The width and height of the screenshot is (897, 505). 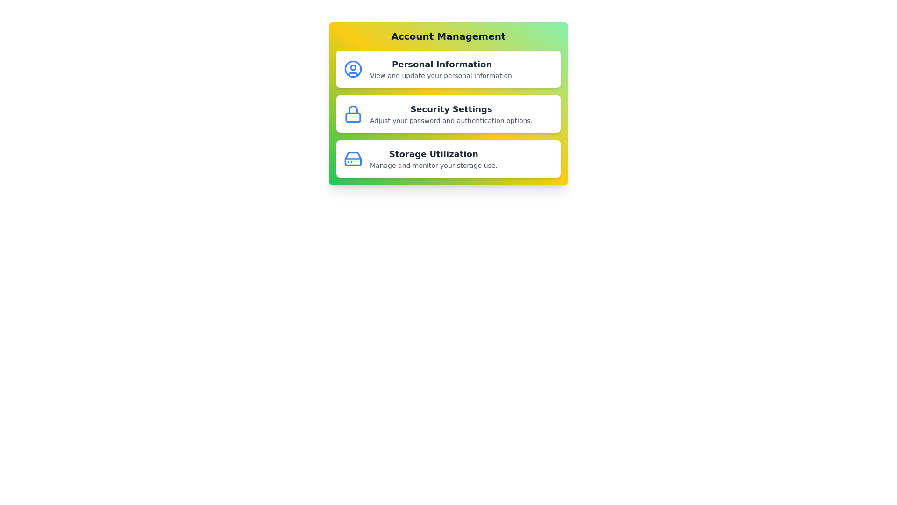 I want to click on the icon associated with the Storage Utilization option, so click(x=352, y=158).